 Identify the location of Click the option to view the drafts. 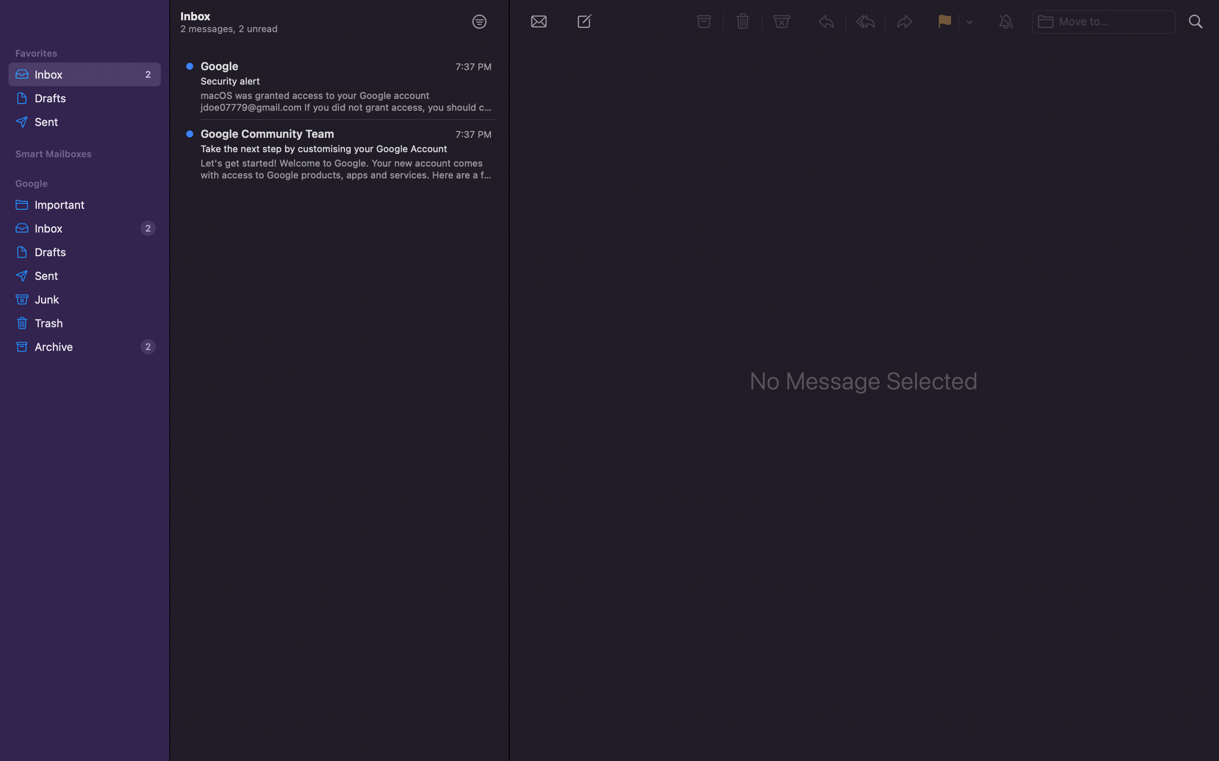
(83, 251).